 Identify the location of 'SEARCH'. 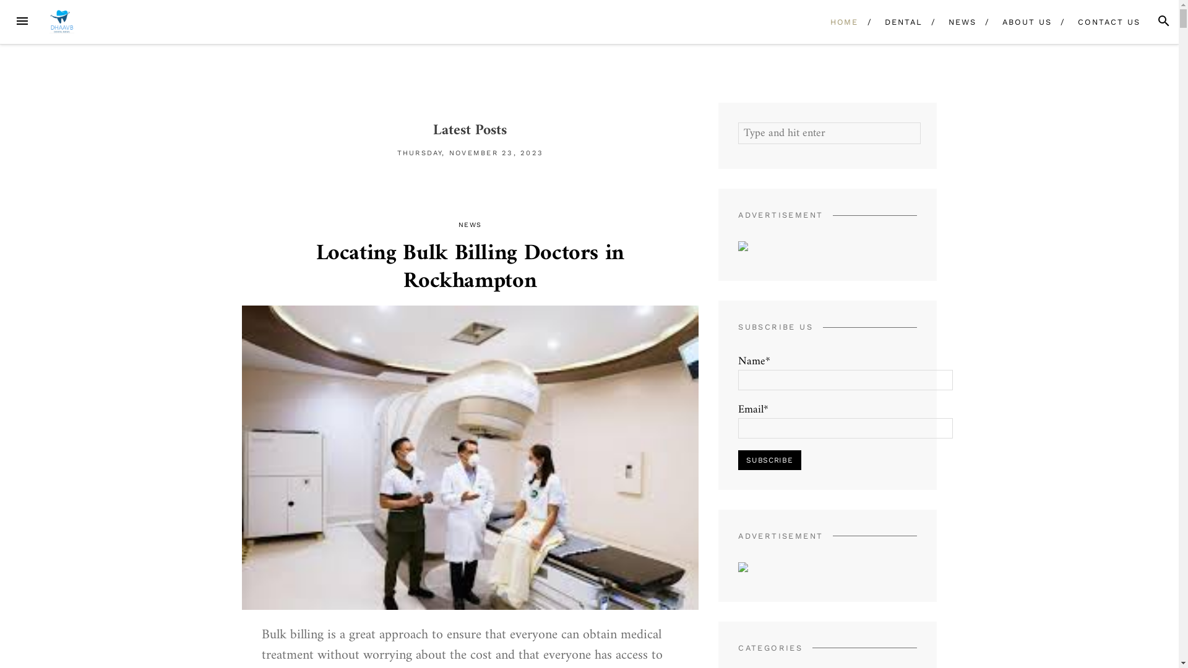
(1163, 21).